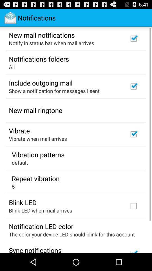 The height and width of the screenshot is (271, 152). I want to click on the app below all item, so click(40, 82).